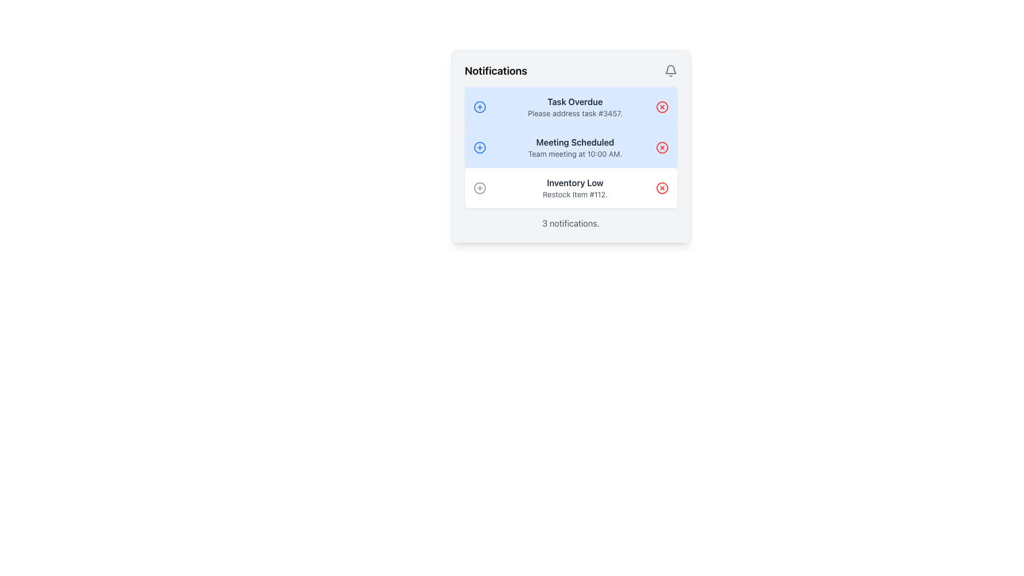 This screenshot has width=1024, height=576. Describe the element at coordinates (661, 148) in the screenshot. I see `the dismiss button located at the far right side of the 'Meeting Scheduled' notification entry` at that location.